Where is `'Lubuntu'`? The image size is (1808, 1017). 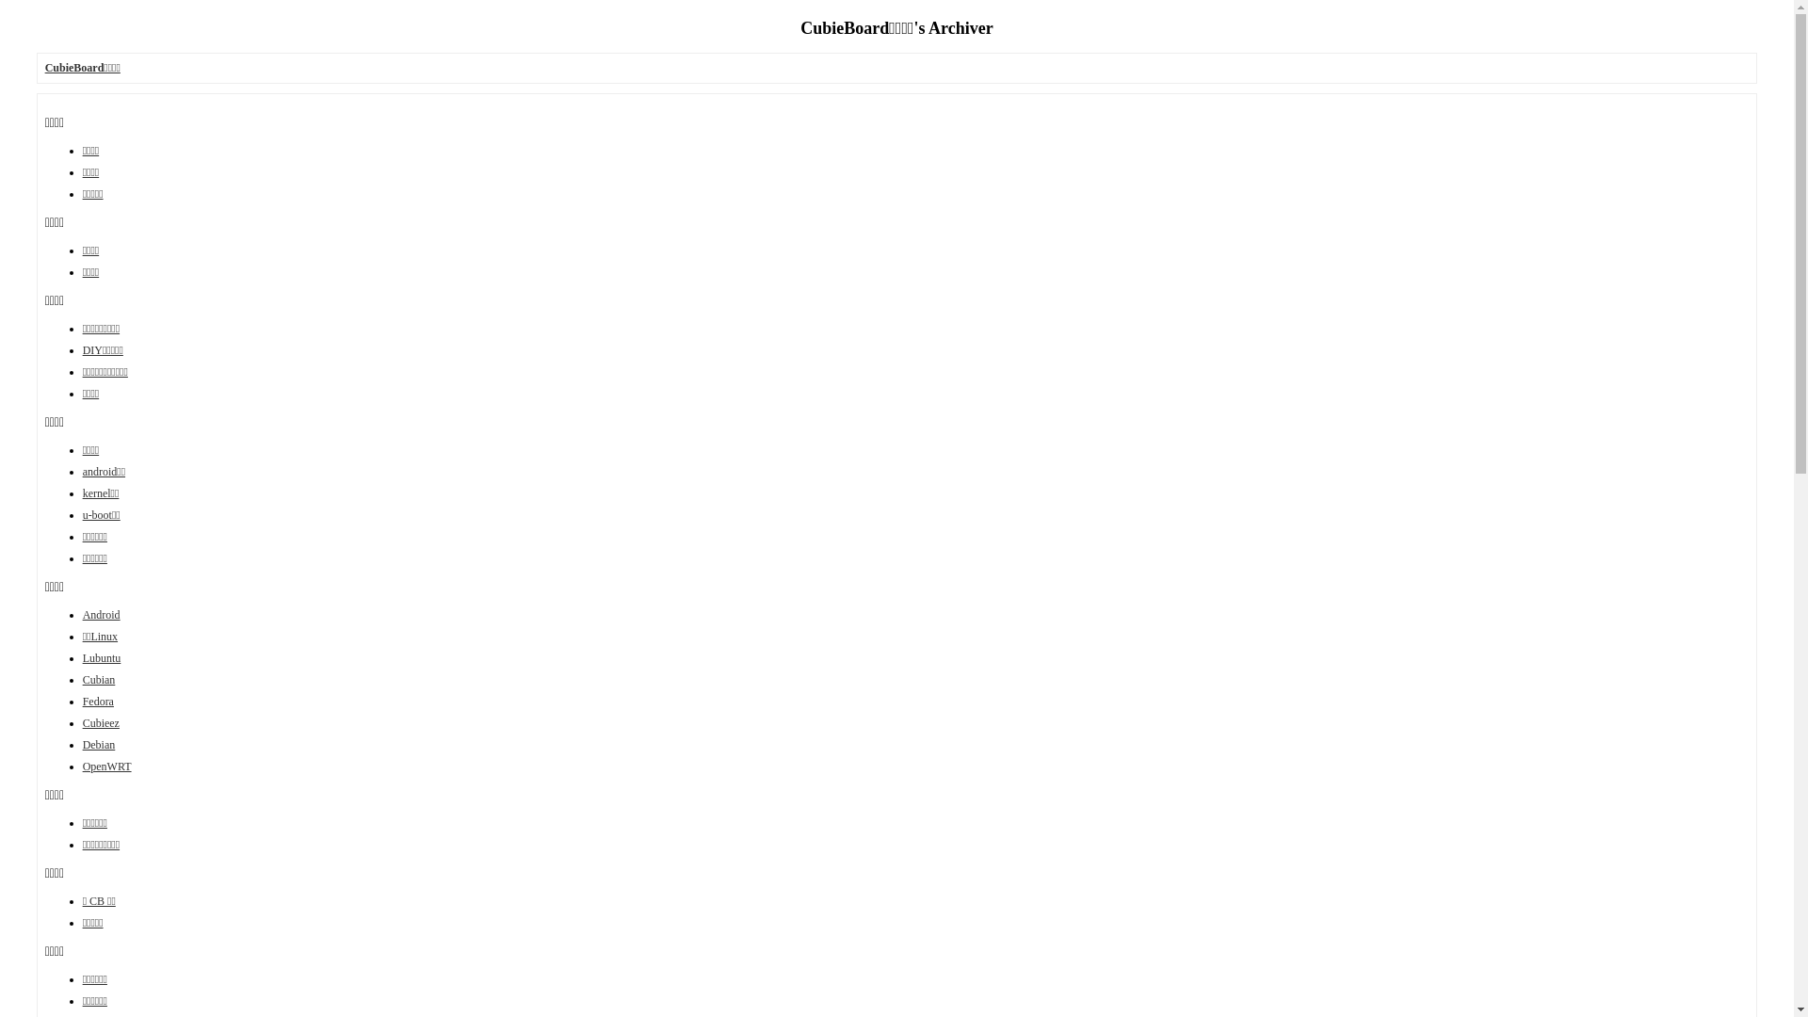
'Lubuntu' is located at coordinates (101, 656).